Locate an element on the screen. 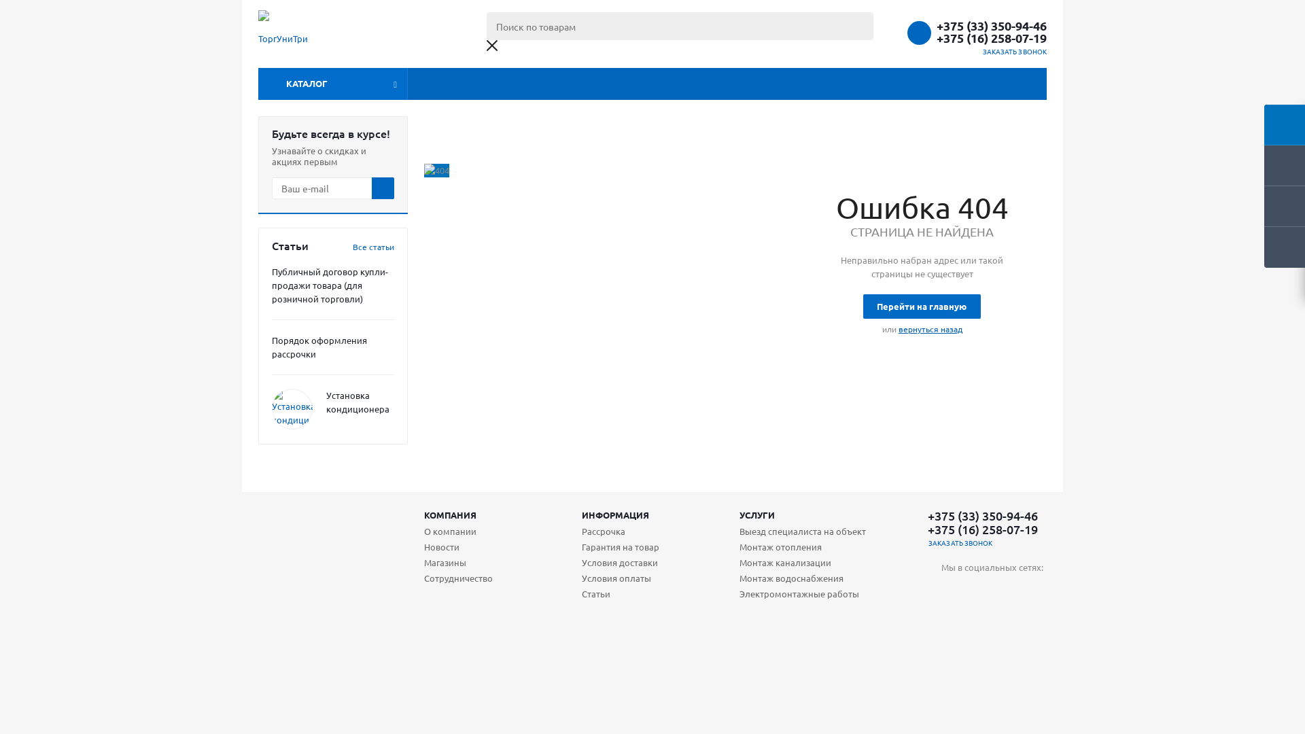  ':-(' is located at coordinates (436, 169).